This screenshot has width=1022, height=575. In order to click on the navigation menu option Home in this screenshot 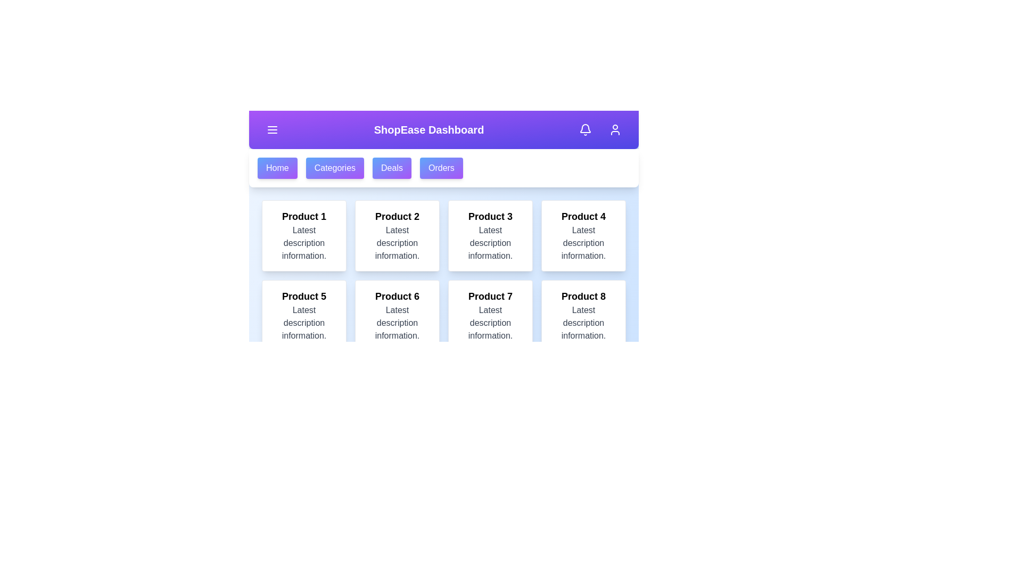, I will do `click(277, 168)`.